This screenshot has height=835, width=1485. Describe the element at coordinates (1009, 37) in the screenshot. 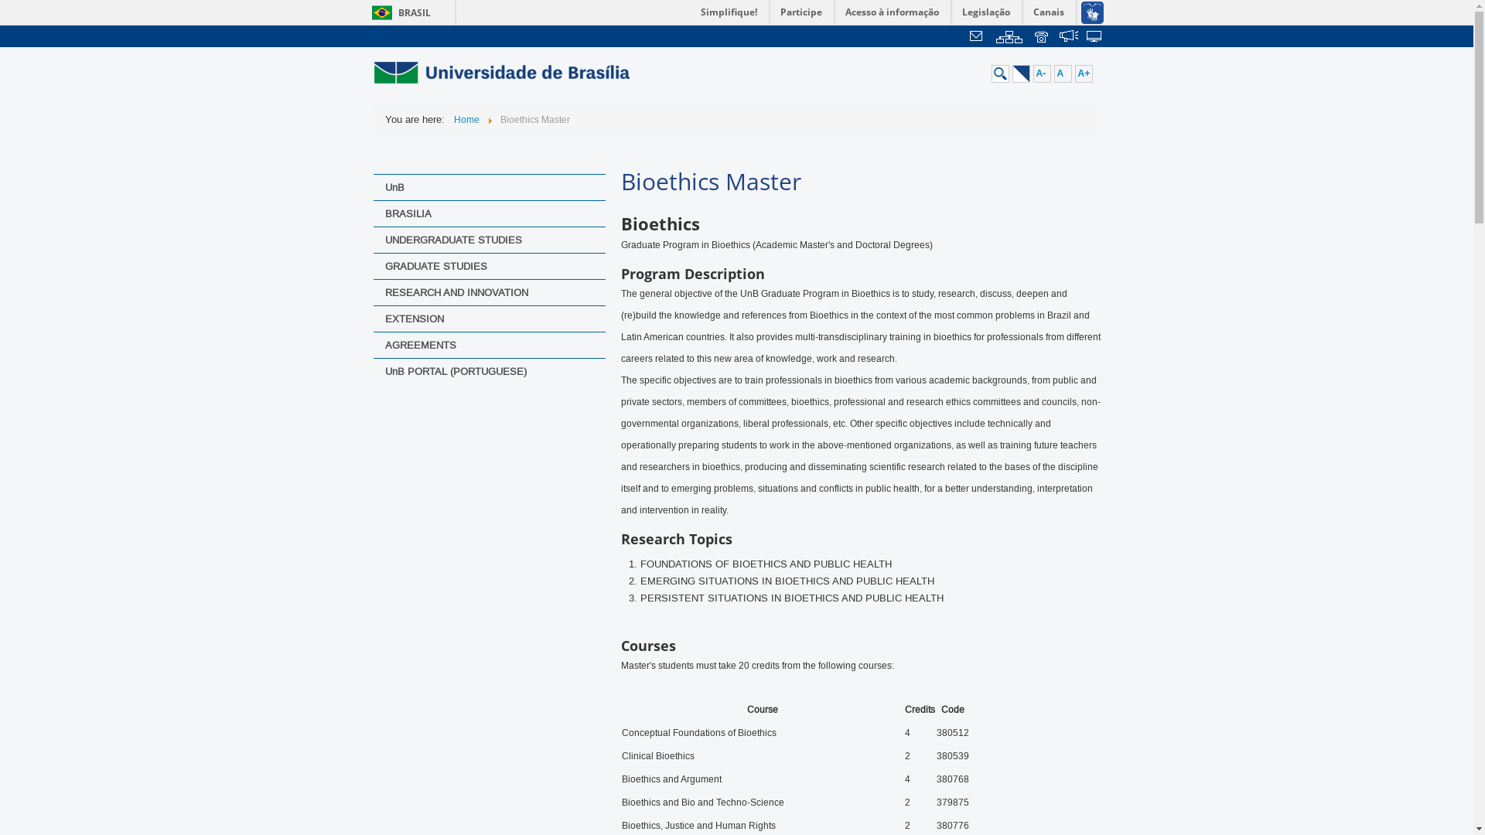

I see `'Mapa do Site'` at that location.